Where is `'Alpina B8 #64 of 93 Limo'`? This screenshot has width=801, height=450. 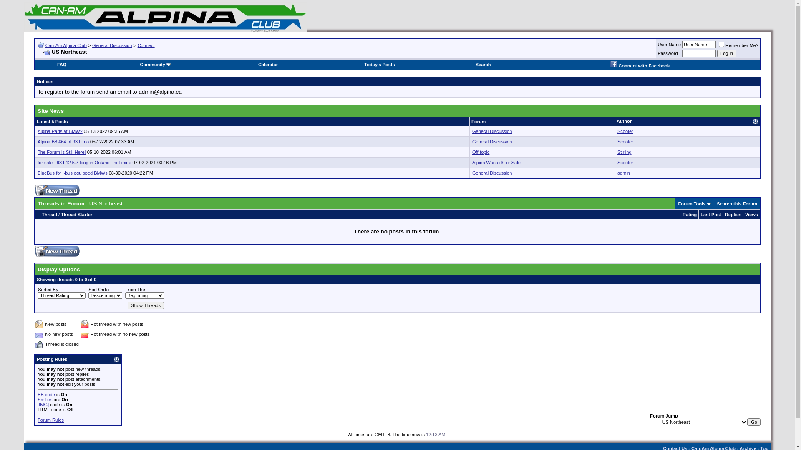 'Alpina B8 #64 of 93 Limo' is located at coordinates (37, 141).